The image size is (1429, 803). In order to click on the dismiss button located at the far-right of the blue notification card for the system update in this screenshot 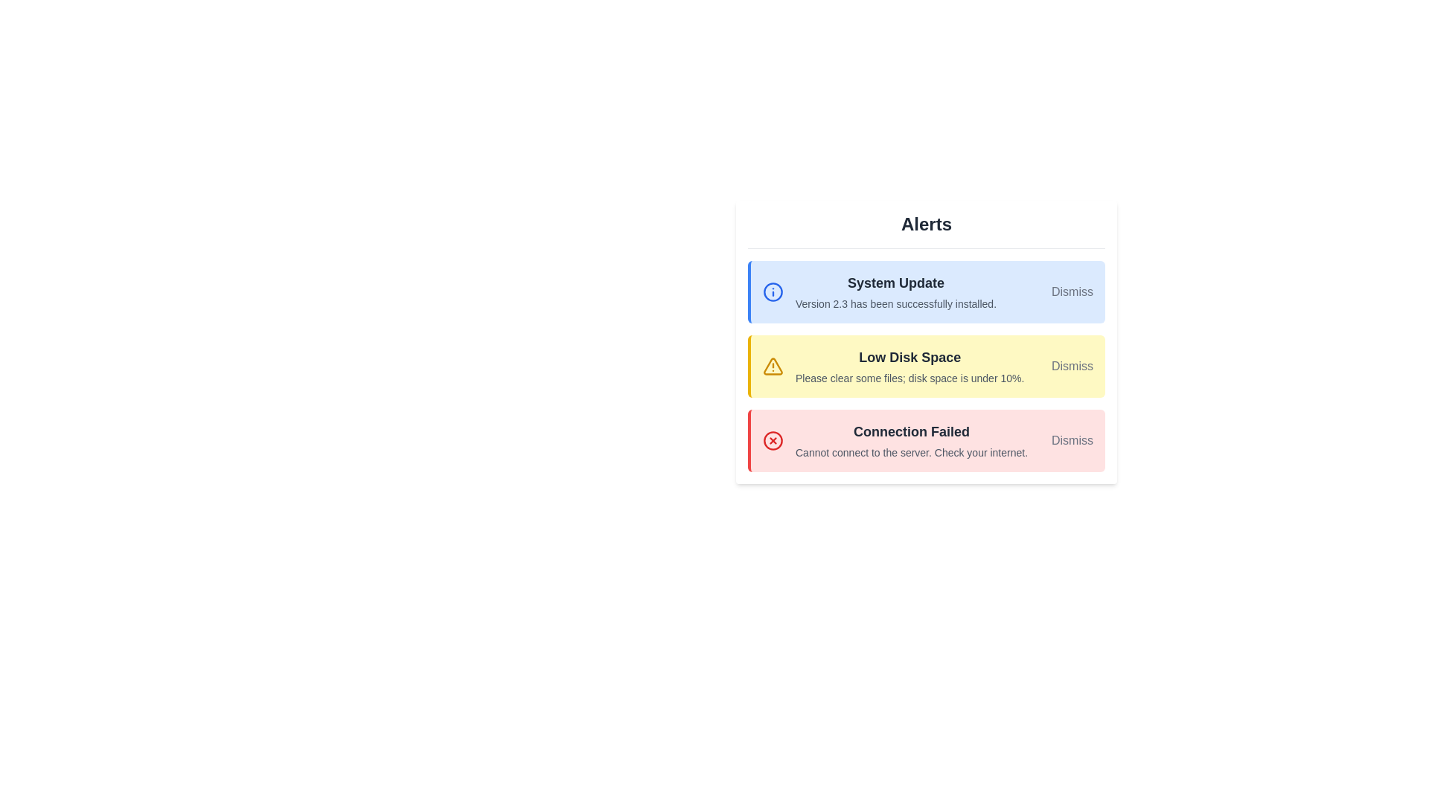, I will do `click(1072, 292)`.